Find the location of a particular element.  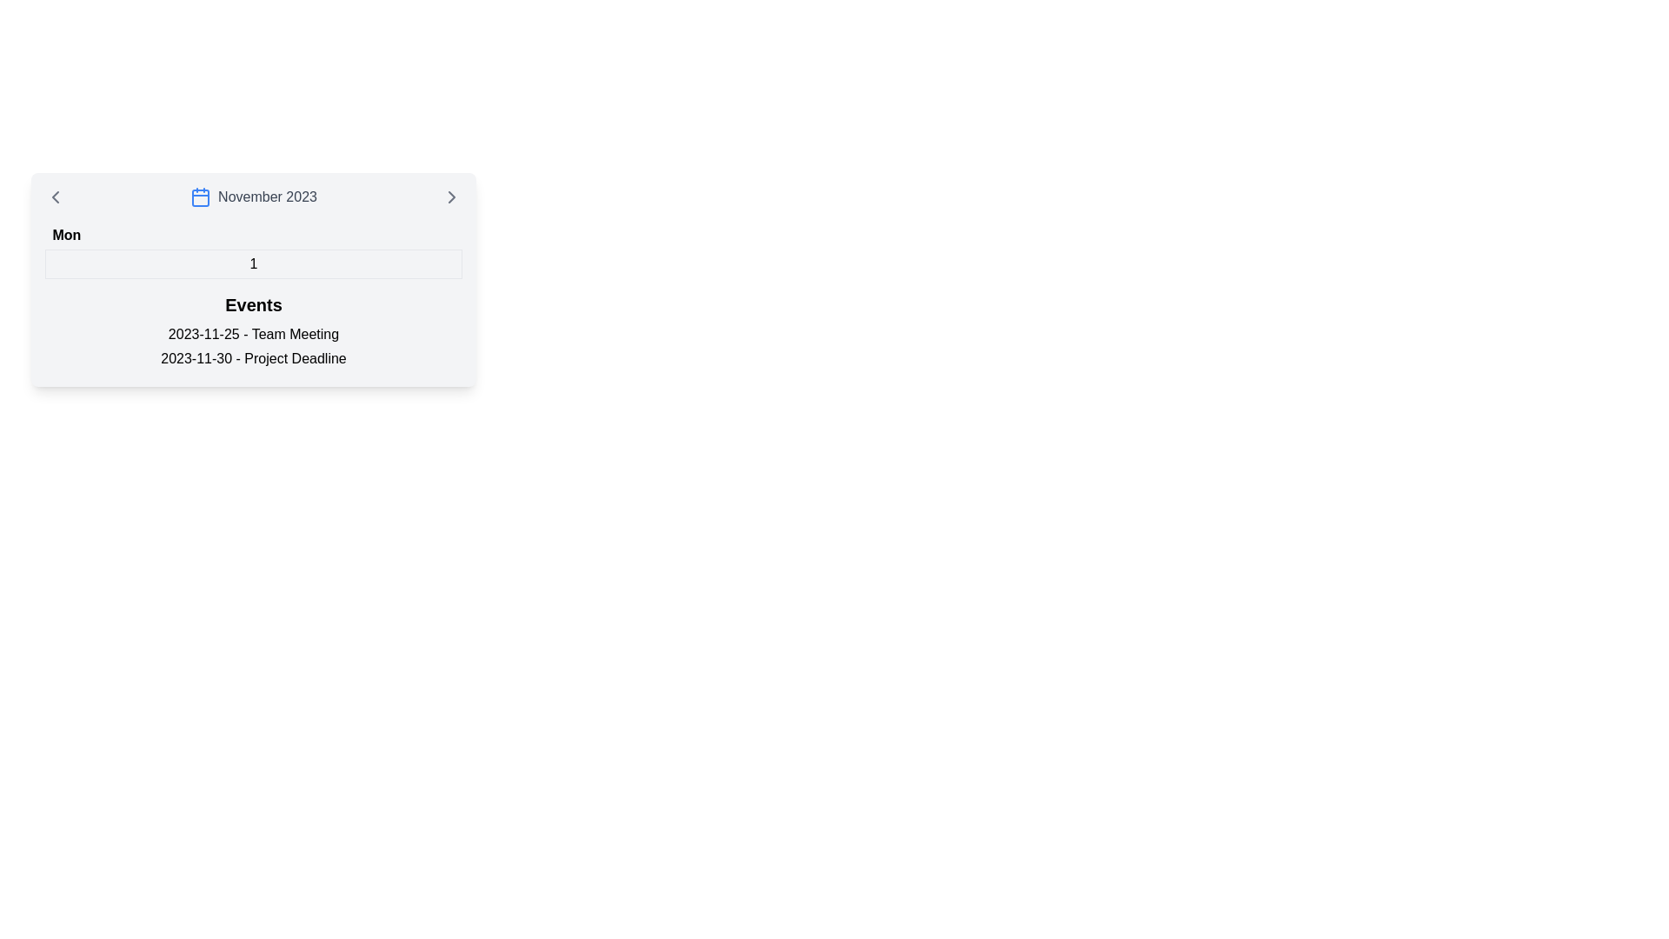

the leftward-facing arrow button located to the left of the text 'November 2023' is located at coordinates (55, 196).